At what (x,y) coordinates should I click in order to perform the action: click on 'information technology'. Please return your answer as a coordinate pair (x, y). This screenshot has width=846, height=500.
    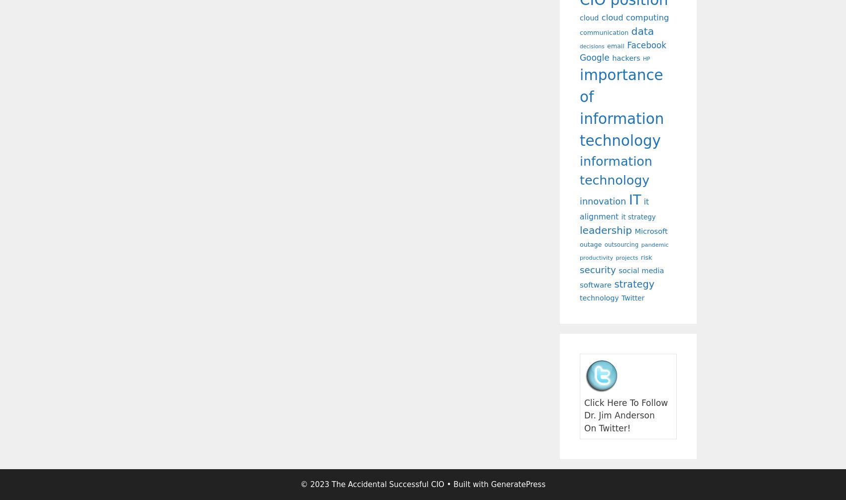
    Looking at the image, I should click on (615, 170).